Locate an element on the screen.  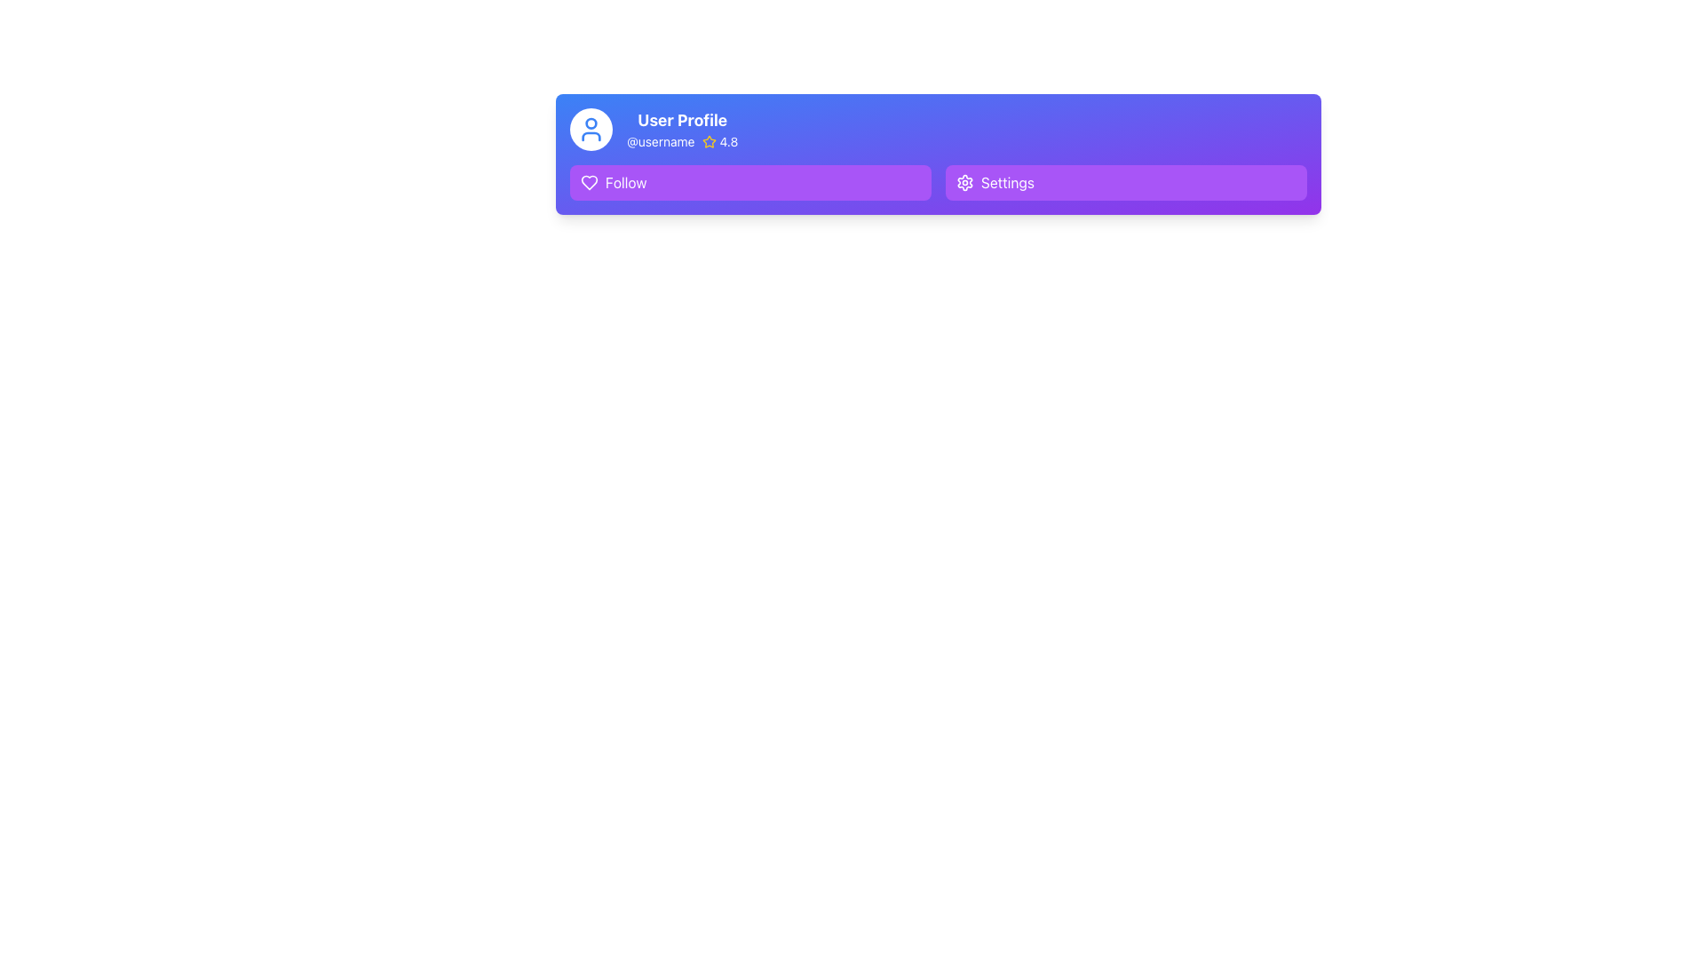
contents of the user profile composite element displaying the username '@username', rating '4.8', and star icon is located at coordinates (681, 140).